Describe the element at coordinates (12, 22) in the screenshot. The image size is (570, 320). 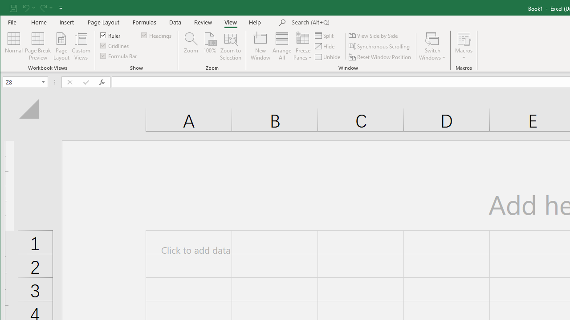
I see `'File Tab'` at that location.